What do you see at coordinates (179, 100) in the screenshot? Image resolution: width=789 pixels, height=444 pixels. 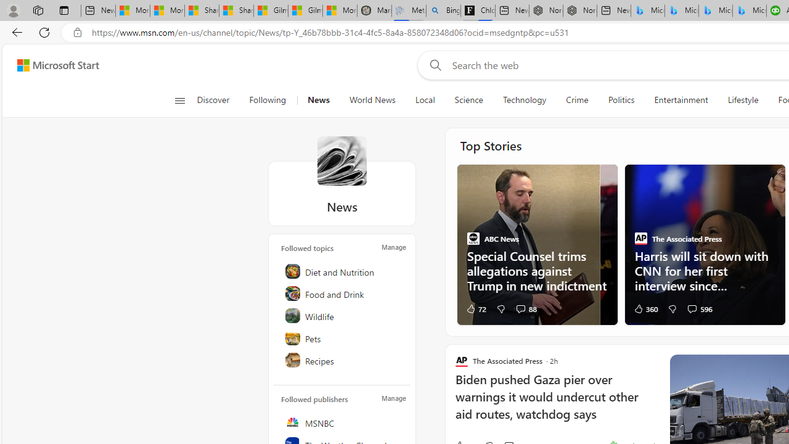 I see `'Class: button-glyph'` at bounding box center [179, 100].